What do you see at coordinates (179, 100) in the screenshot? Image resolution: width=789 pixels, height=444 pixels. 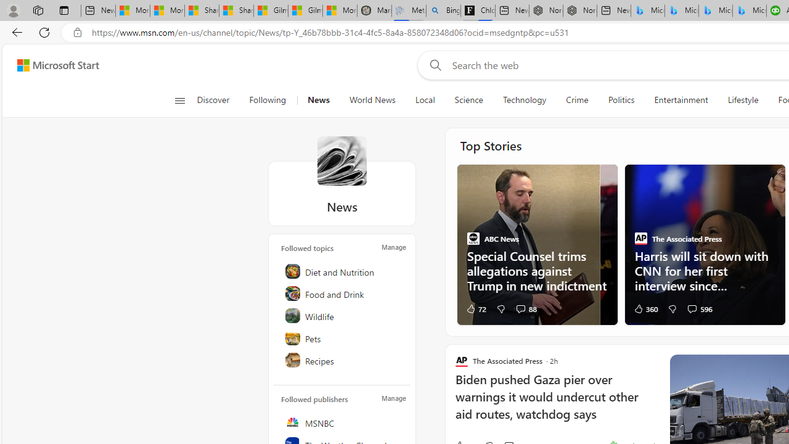 I see `'Class: button-glyph'` at bounding box center [179, 100].